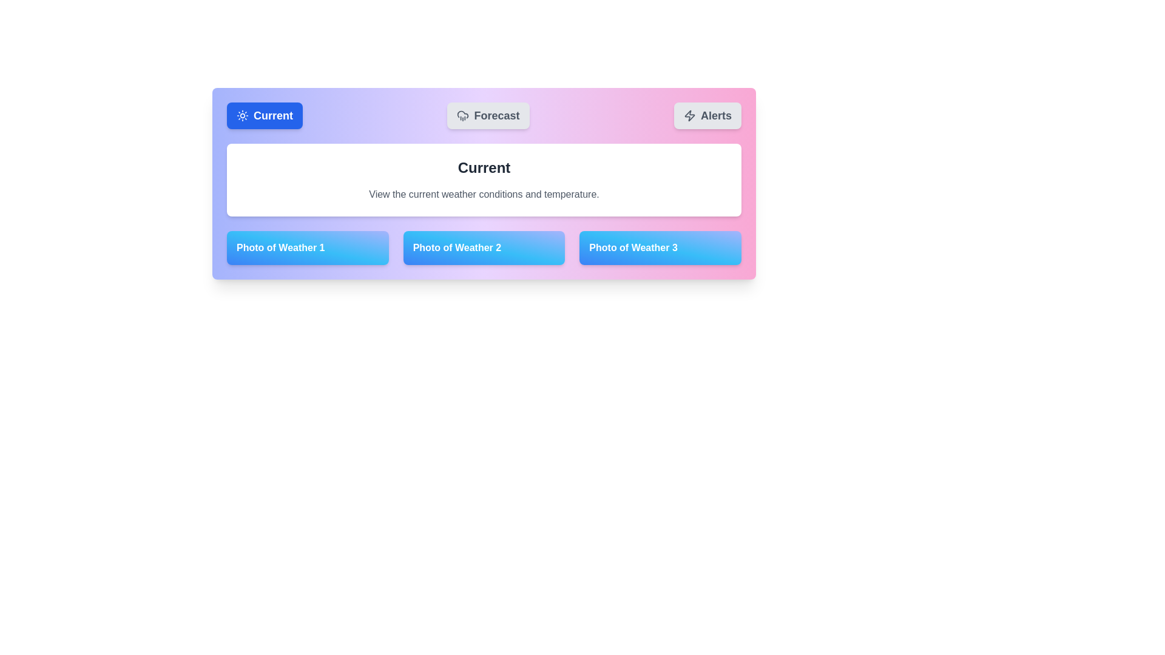 Image resolution: width=1165 pixels, height=655 pixels. What do you see at coordinates (264, 116) in the screenshot?
I see `the leftmost button in the button group for weather conditions to scale it` at bounding box center [264, 116].